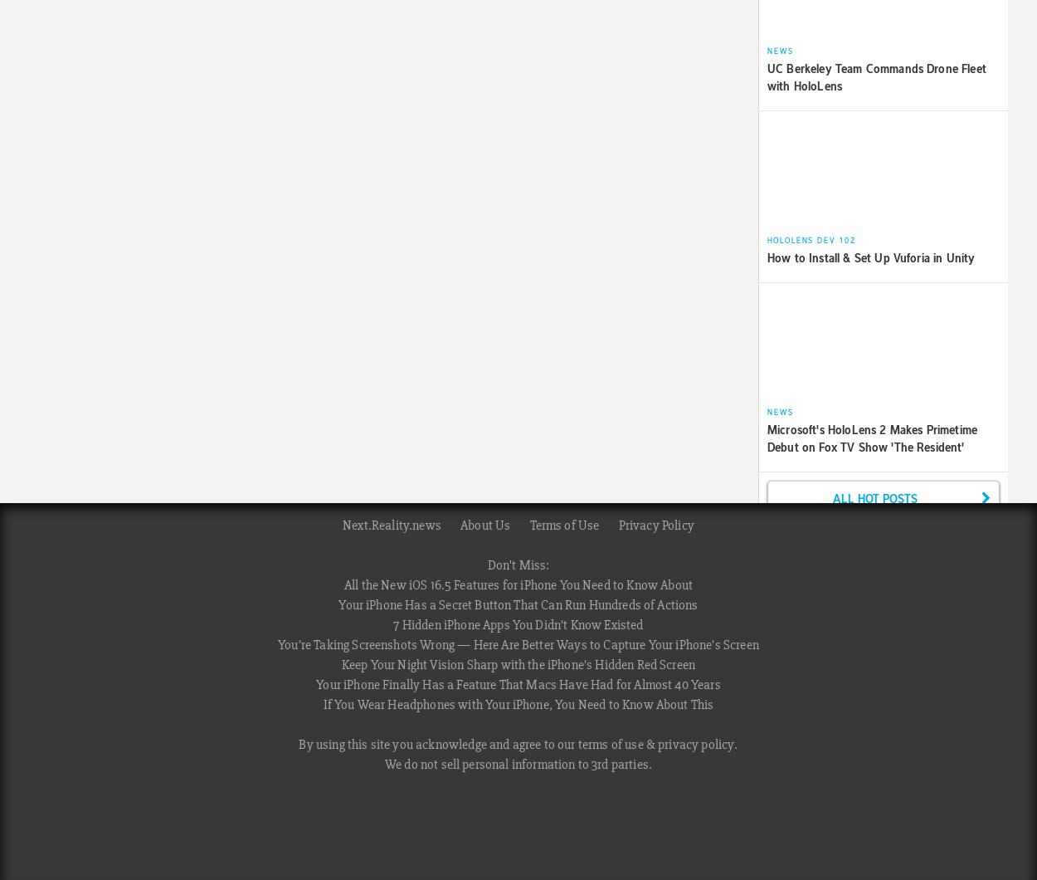 This screenshot has width=1037, height=880. Describe the element at coordinates (438, 744) in the screenshot. I see `'By using this site you acknowledge and agree to our'` at that location.